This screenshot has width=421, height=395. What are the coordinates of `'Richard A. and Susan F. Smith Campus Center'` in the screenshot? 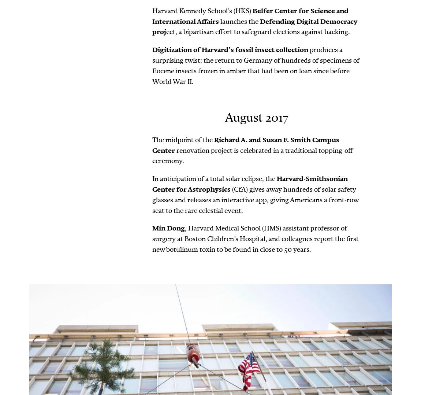 It's located at (245, 144).